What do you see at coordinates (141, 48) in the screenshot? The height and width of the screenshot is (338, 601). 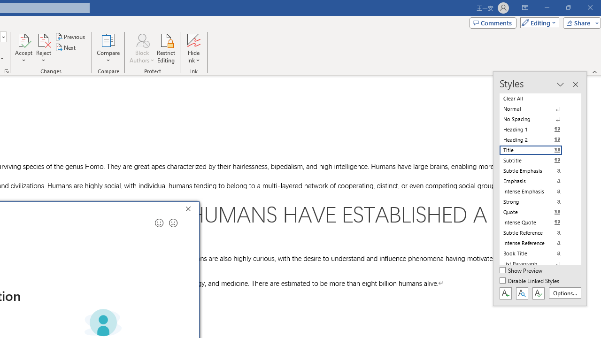 I see `'Block Authors'` at bounding box center [141, 48].